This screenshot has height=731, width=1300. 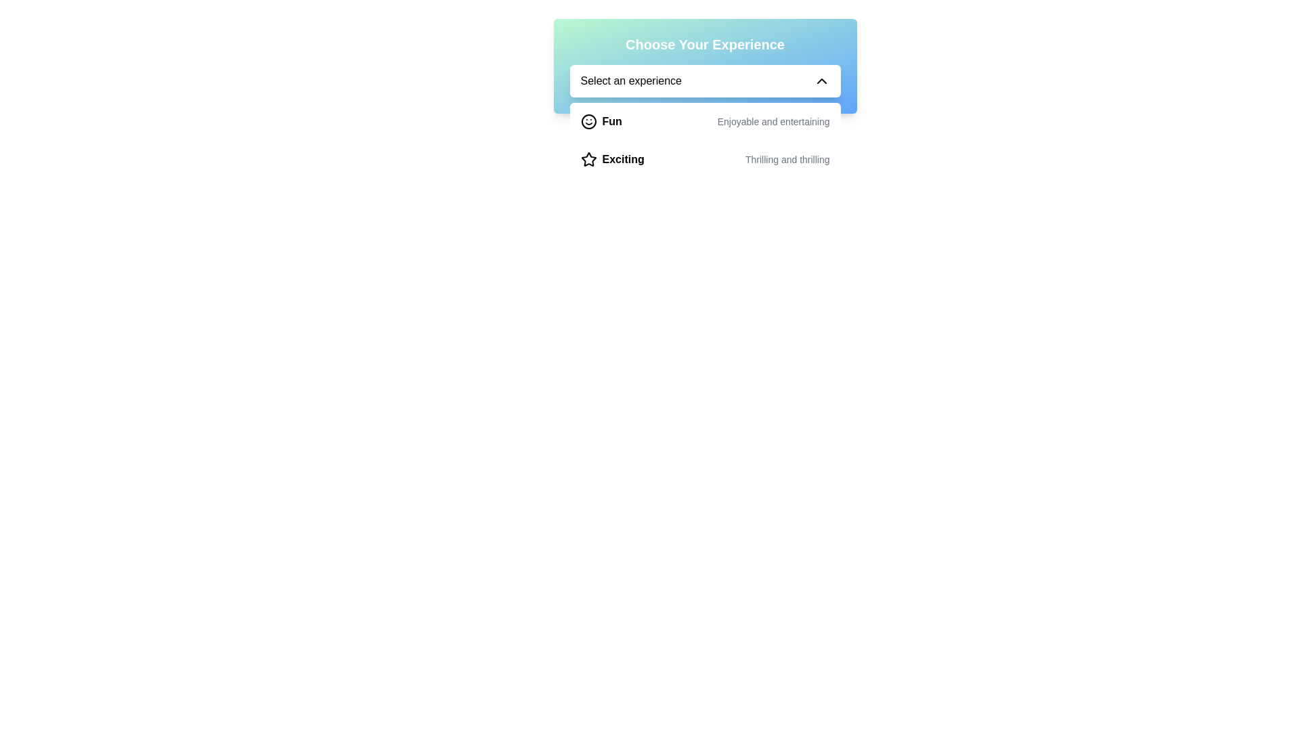 What do you see at coordinates (588, 122) in the screenshot?
I see `the small, circular smiling face icon that is part of the 'Fun' group, located to the left of the text 'Fun'` at bounding box center [588, 122].